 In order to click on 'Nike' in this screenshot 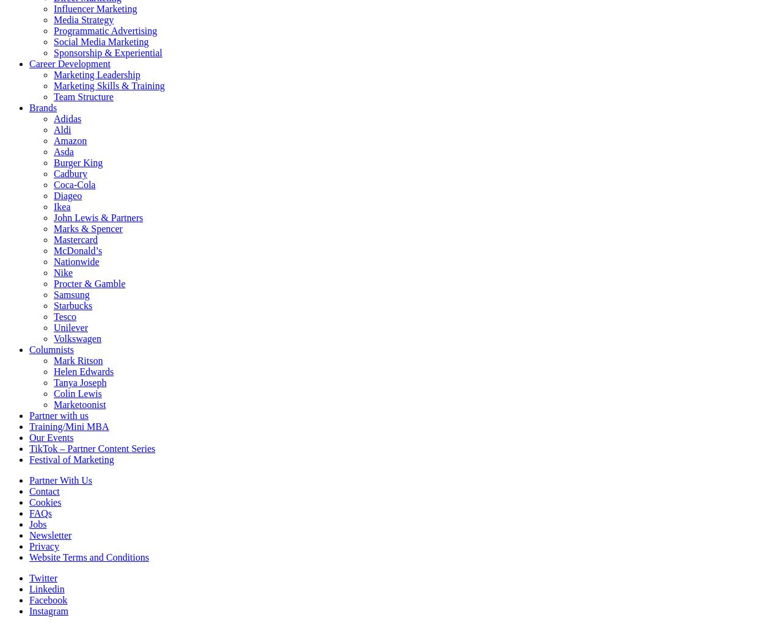, I will do `click(53, 272)`.